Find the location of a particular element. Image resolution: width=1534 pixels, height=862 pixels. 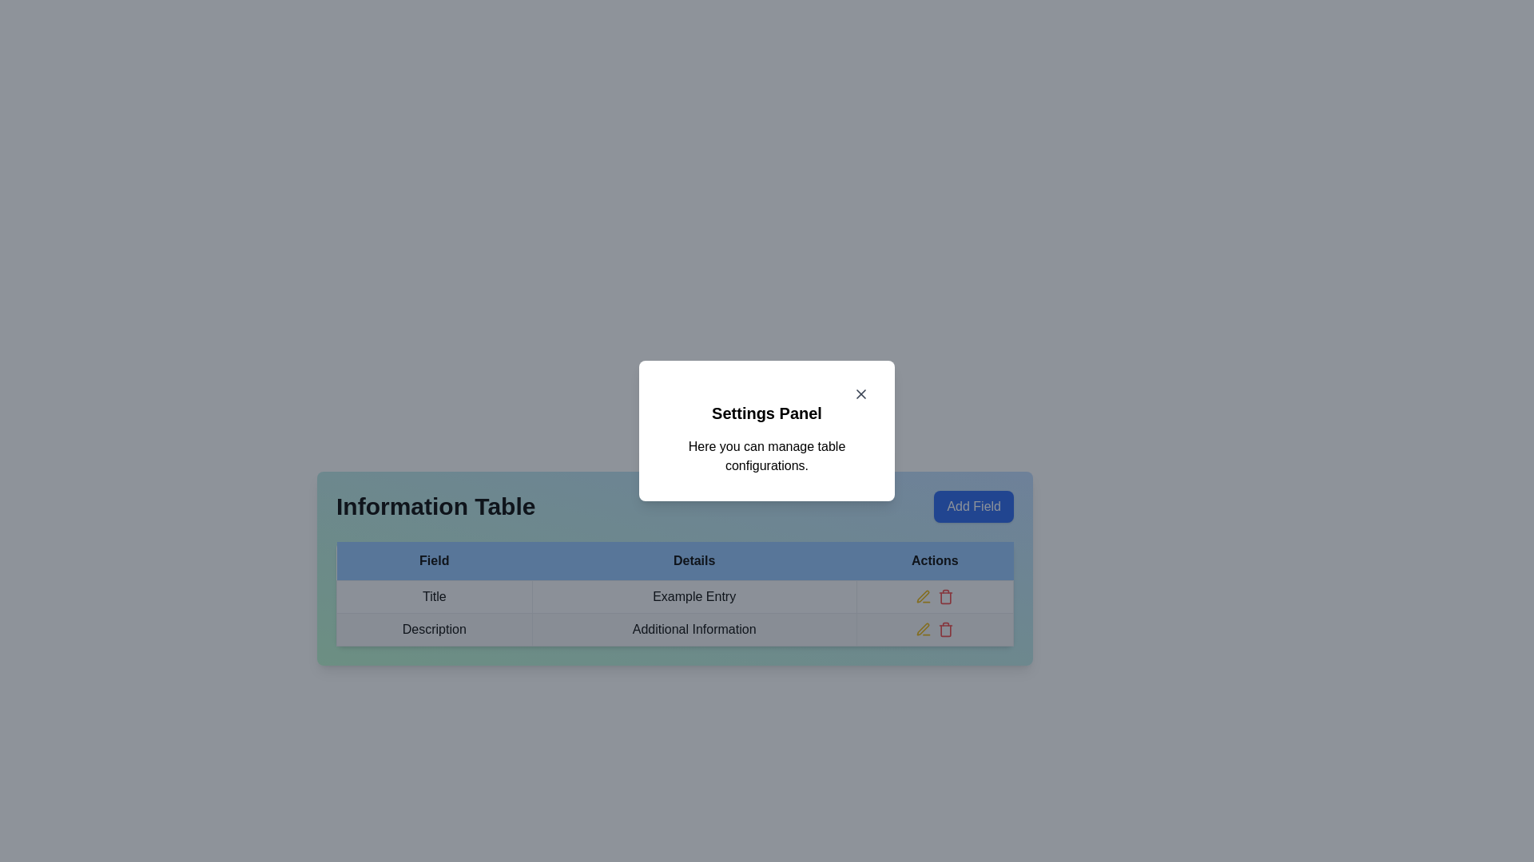

the table cell in the second column of the first data row, which contains the text 'Example Entry' is located at coordinates (694, 597).